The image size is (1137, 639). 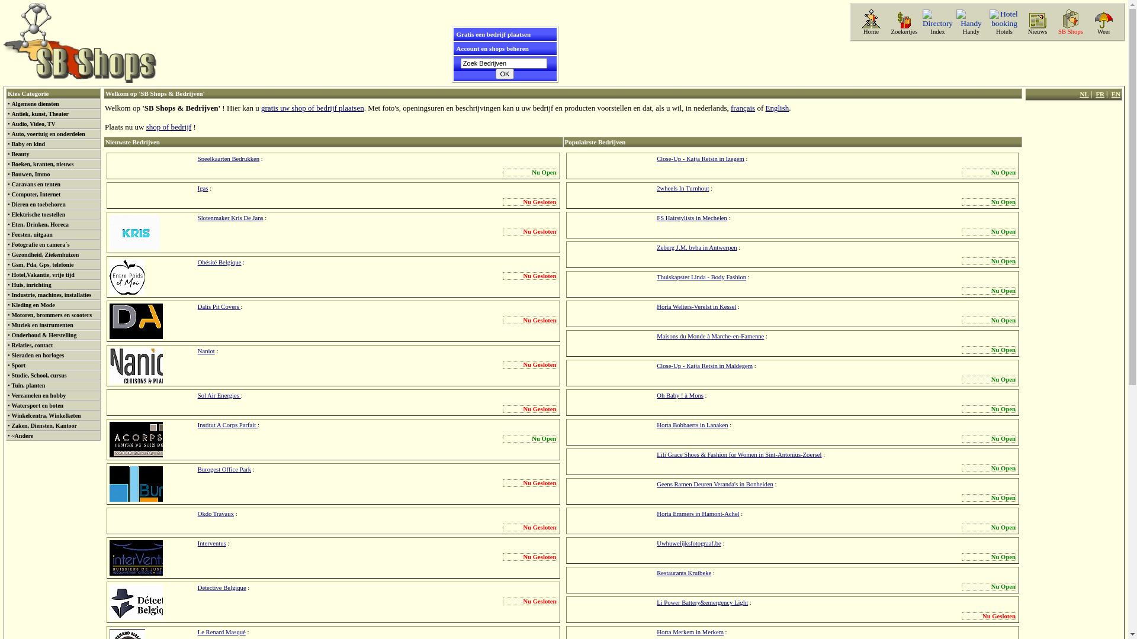 I want to click on 'OK', so click(x=505, y=73).